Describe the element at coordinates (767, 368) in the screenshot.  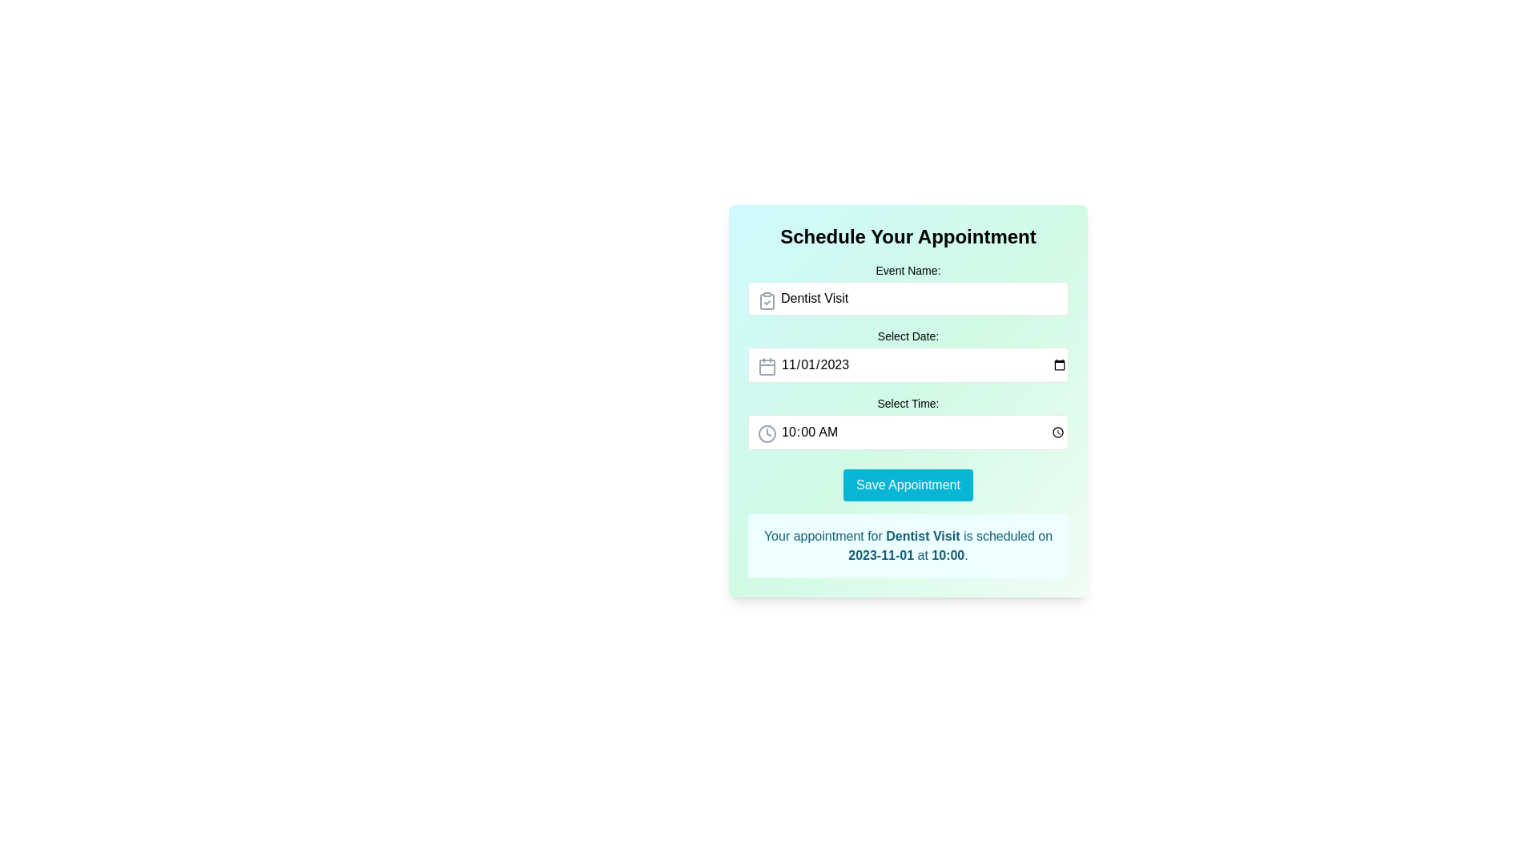
I see `the filled SVG rectangle with rounded corners that serves as a background within the calendar icon located to the left of the 'Select Date:' input field` at that location.